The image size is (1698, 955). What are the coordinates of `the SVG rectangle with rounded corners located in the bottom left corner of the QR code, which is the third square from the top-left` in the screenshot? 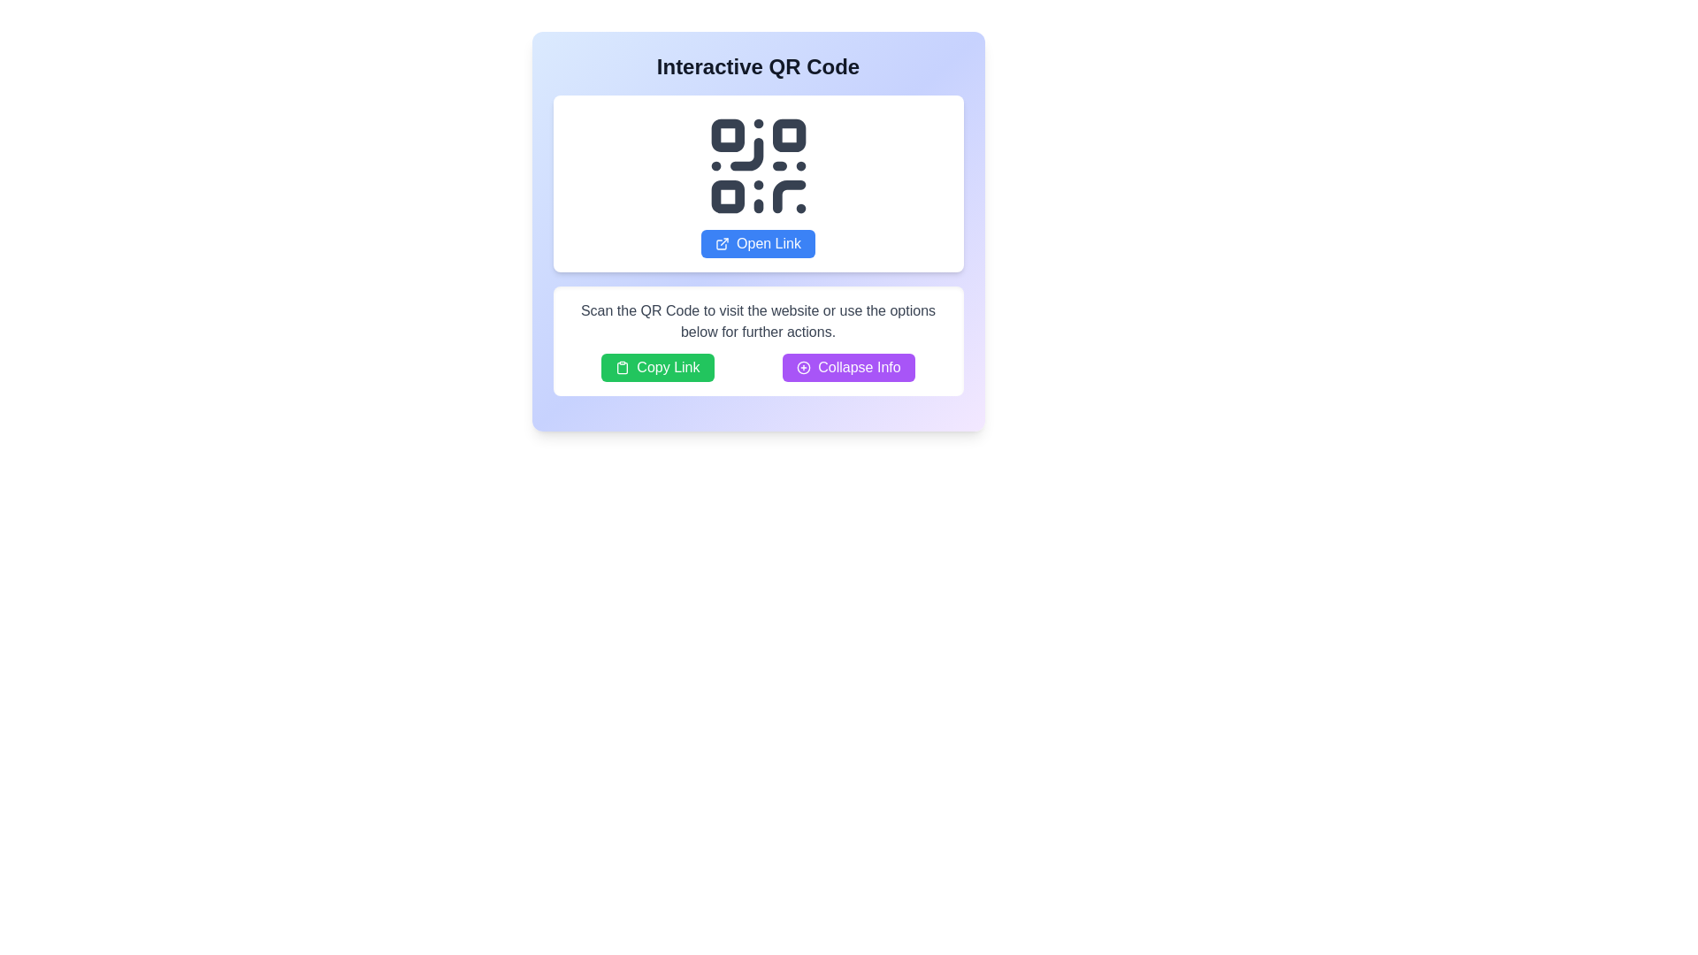 It's located at (727, 196).